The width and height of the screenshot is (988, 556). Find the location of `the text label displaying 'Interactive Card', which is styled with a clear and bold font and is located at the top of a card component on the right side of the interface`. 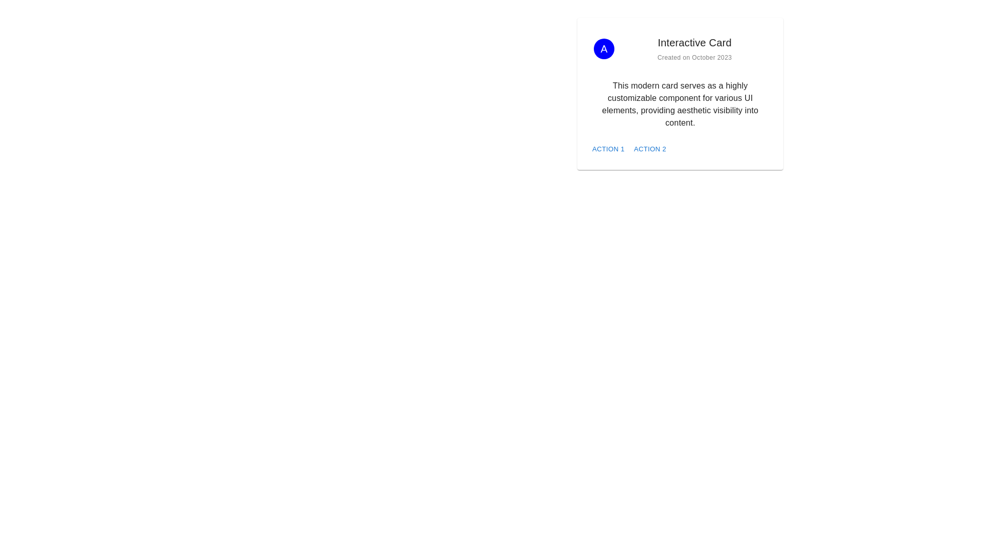

the text label displaying 'Interactive Card', which is styled with a clear and bold font and is located at the top of a card component on the right side of the interface is located at coordinates (694, 42).